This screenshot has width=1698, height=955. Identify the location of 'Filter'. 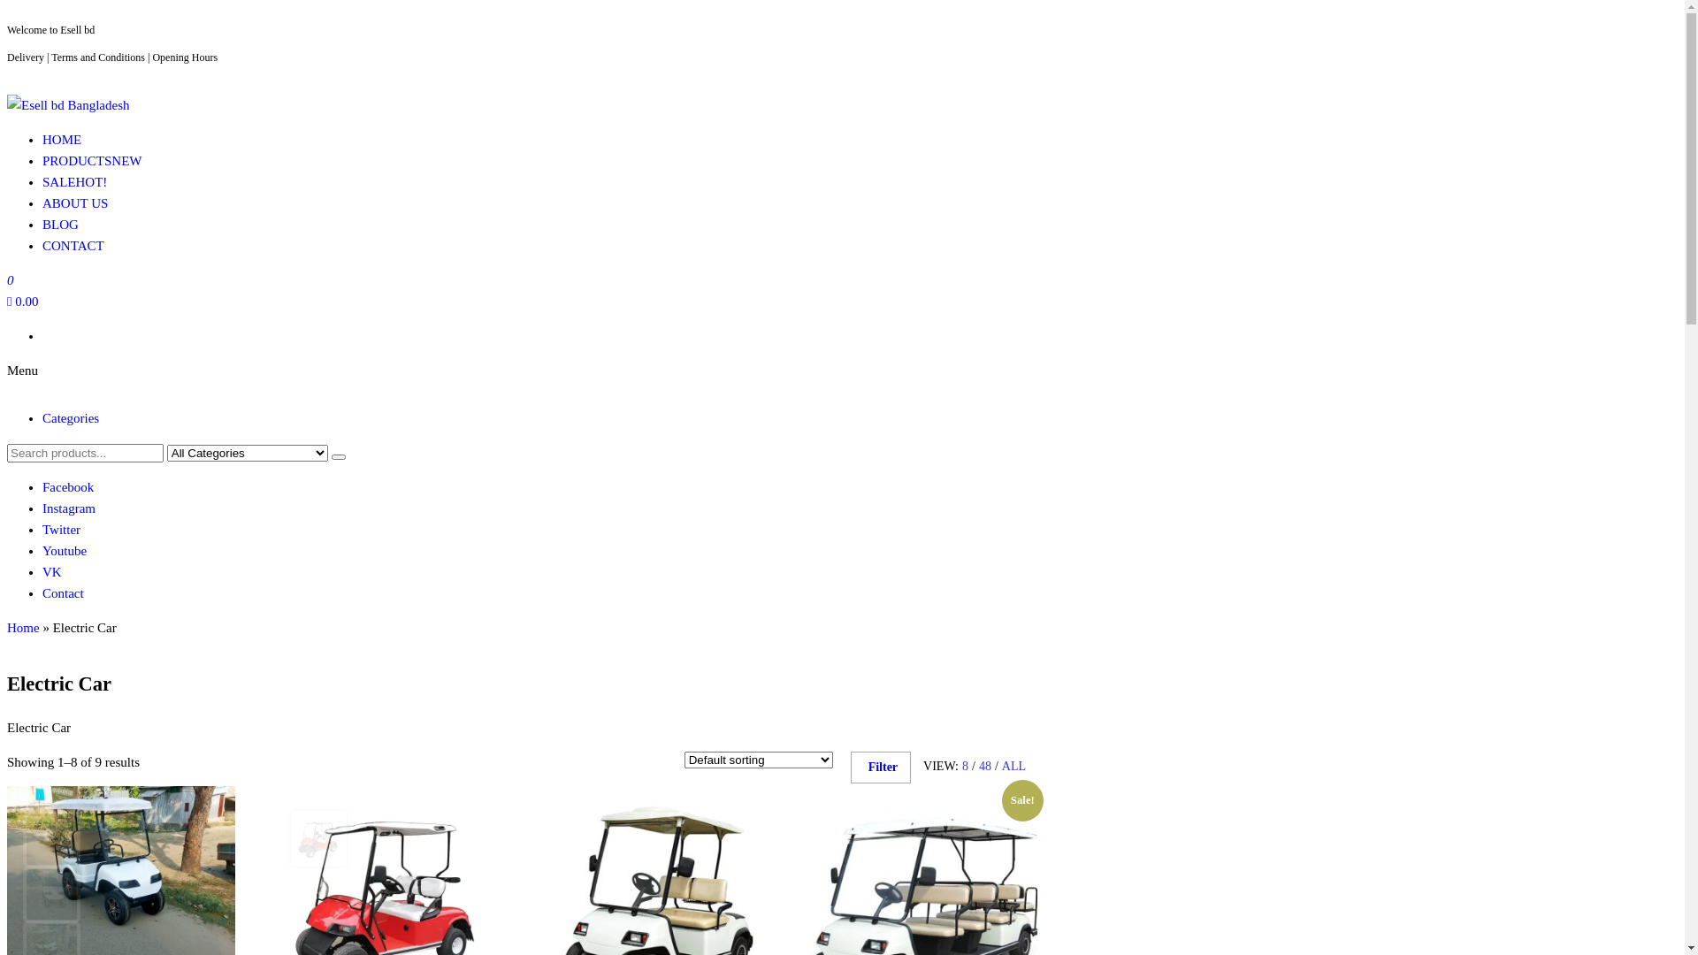
(850, 766).